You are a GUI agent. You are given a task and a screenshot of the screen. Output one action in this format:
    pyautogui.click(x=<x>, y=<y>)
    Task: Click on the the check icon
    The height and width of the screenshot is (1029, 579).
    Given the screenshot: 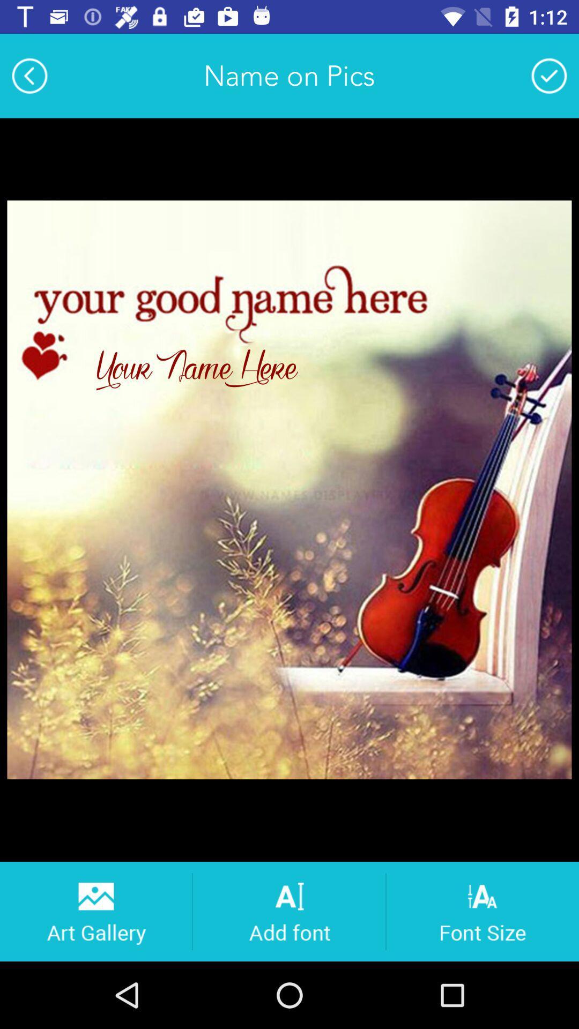 What is the action you would take?
    pyautogui.click(x=549, y=75)
    